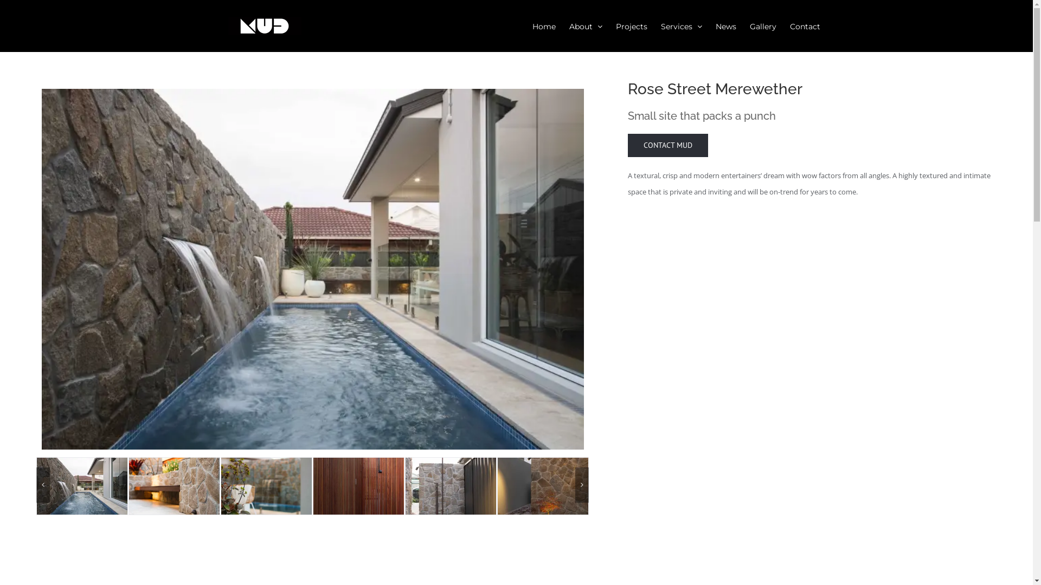 The image size is (1041, 585). What do you see at coordinates (804, 25) in the screenshot?
I see `'Contact'` at bounding box center [804, 25].